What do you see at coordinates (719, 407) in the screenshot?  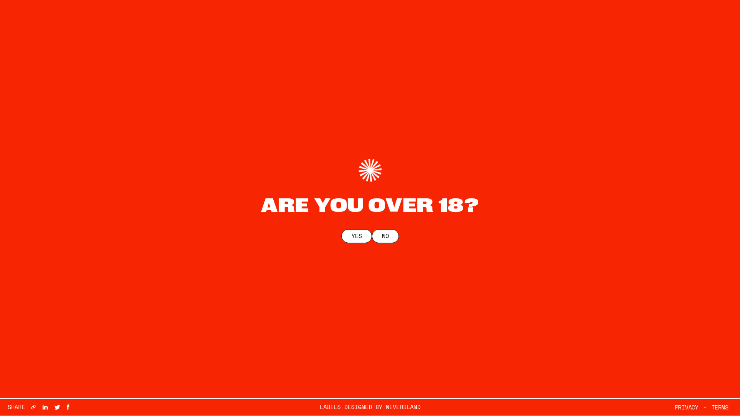 I see `'TERMS'` at bounding box center [719, 407].